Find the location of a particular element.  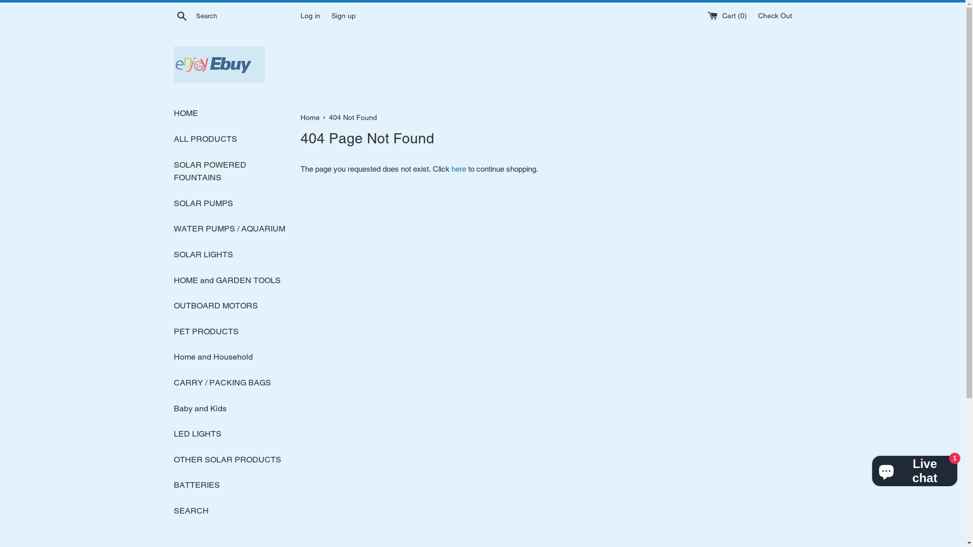

'BATTERIES' is located at coordinates (228, 484).